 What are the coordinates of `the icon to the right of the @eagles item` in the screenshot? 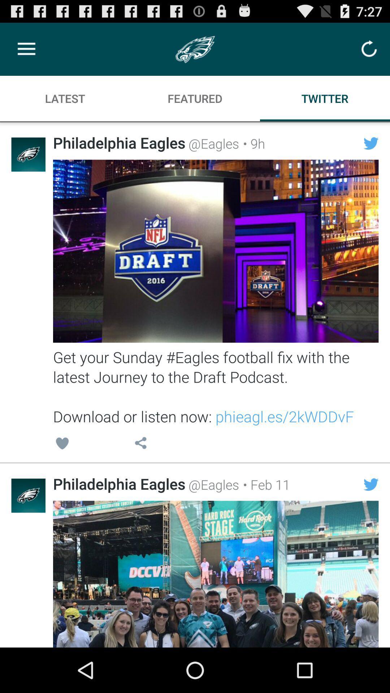 It's located at (252, 143).